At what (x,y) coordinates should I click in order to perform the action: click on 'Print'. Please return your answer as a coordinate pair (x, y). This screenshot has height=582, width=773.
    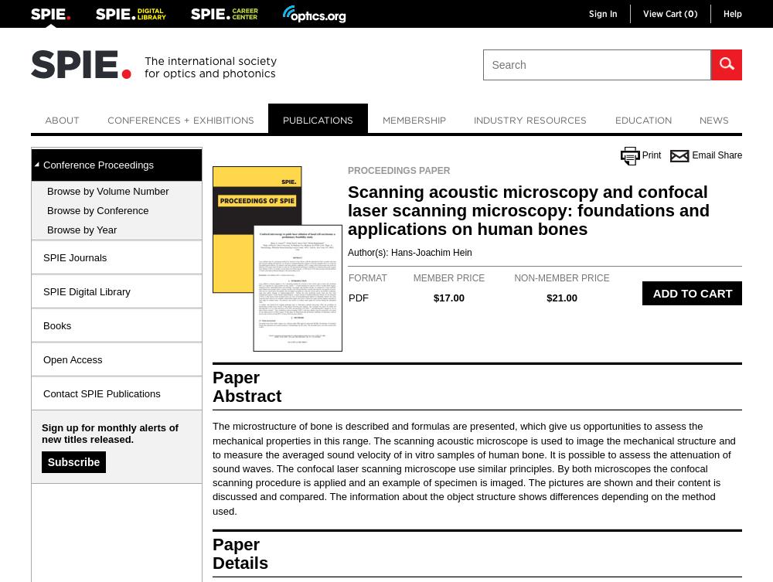
    Looking at the image, I should click on (641, 154).